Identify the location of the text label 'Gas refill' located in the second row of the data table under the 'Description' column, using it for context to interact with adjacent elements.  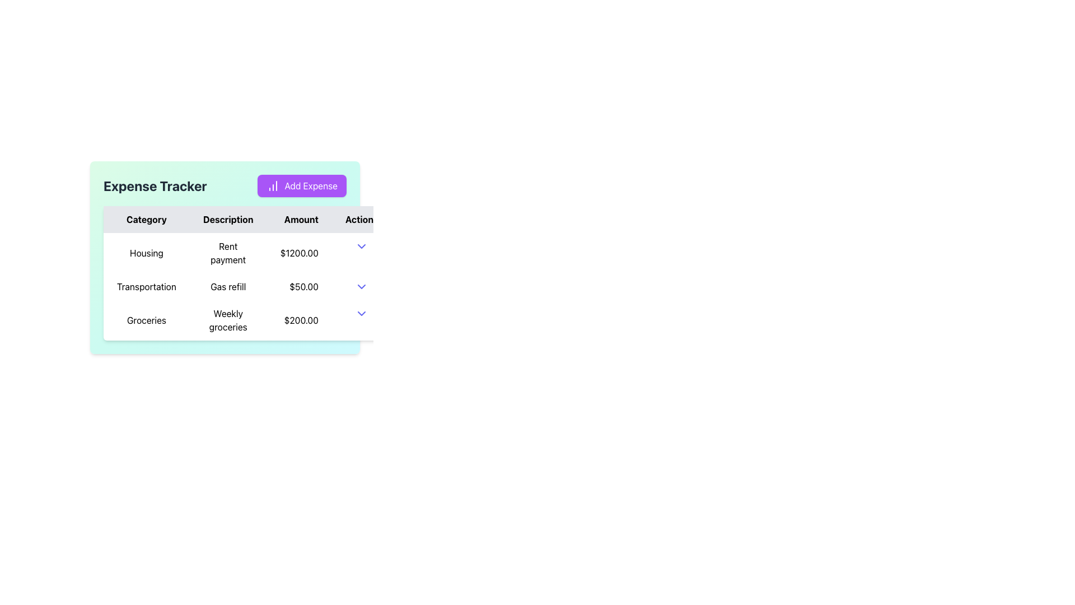
(227, 286).